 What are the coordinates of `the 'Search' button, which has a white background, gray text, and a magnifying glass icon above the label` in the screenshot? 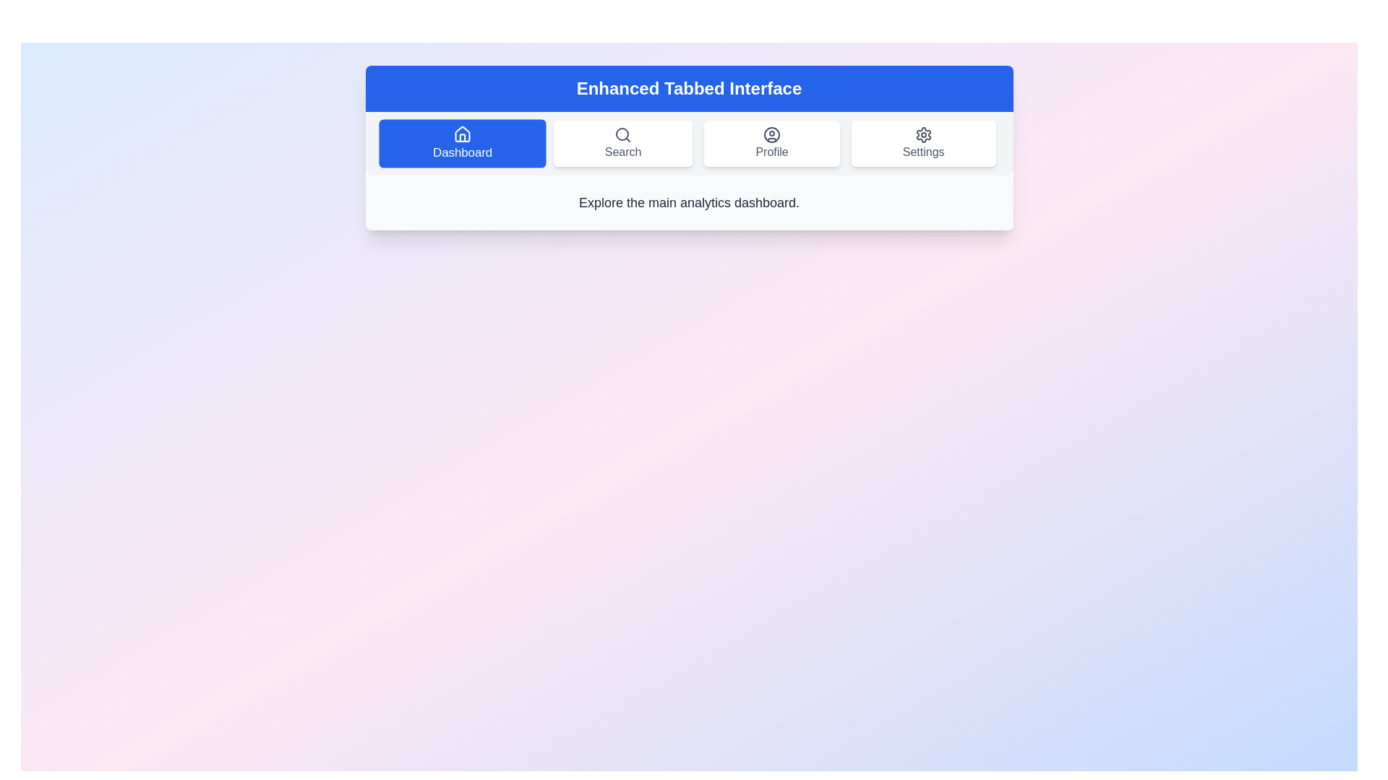 It's located at (623, 144).